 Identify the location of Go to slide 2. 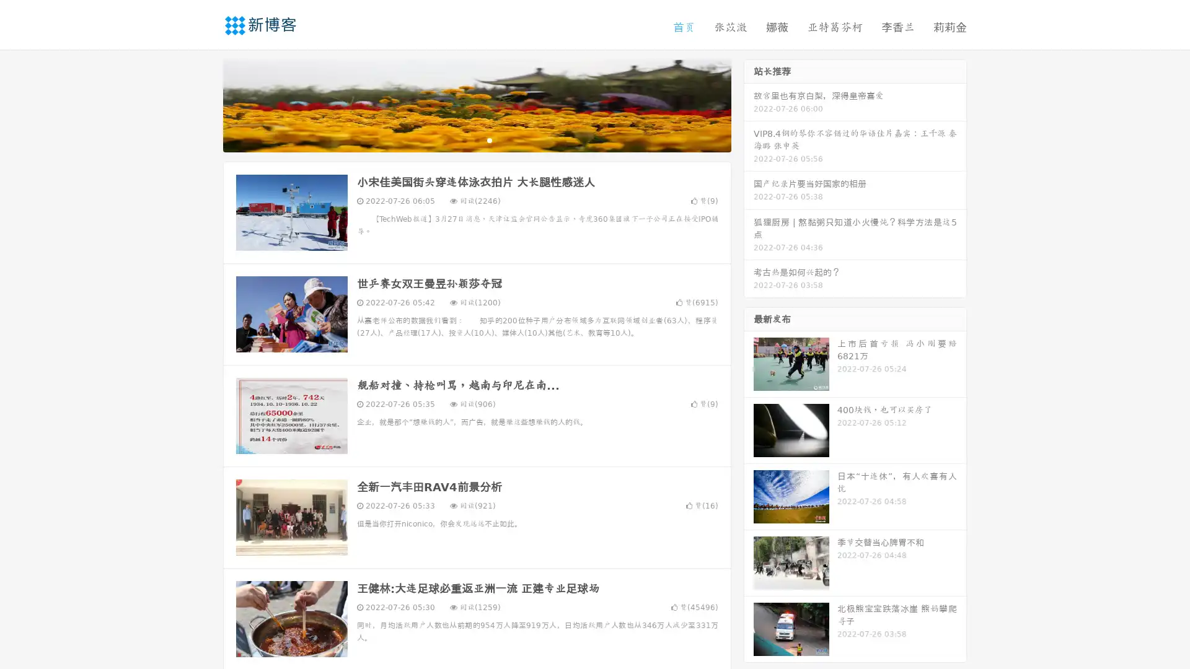
(476, 139).